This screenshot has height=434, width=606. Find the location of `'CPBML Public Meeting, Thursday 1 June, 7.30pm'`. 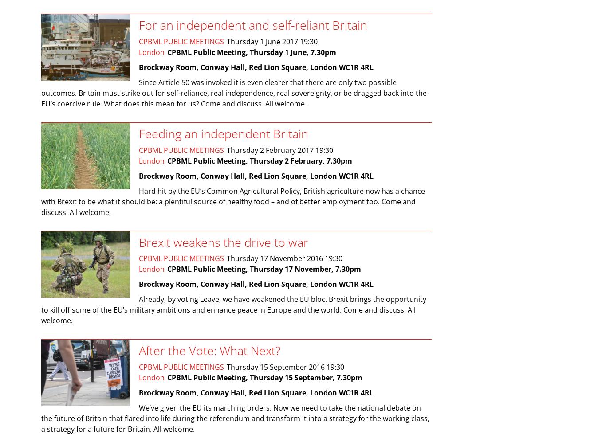

'CPBML Public Meeting, Thursday 1 June, 7.30pm' is located at coordinates (252, 51).